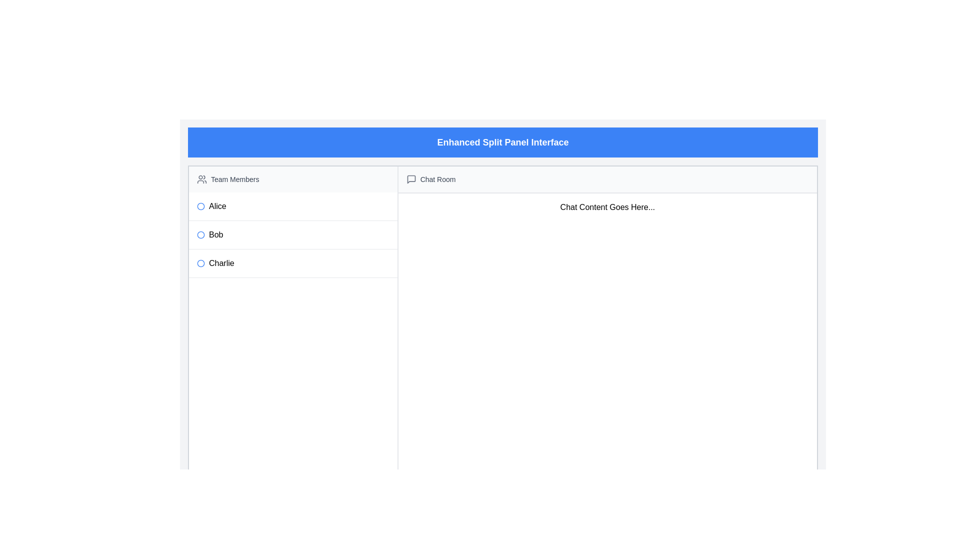 This screenshot has height=540, width=960. I want to click on the text label displaying the name 'Bob', which is the second entry in a vertically stacked list of names, so click(215, 235).